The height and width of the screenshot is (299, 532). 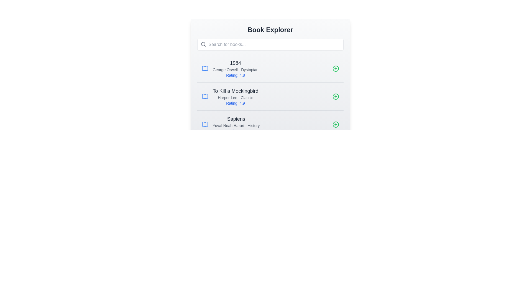 What do you see at coordinates (235, 91) in the screenshot?
I see `text label displaying 'To Kill a Mockingbird' which is styled in a larger font size and bold weight, located in the middle of a book explorer UI's vertical list of book entries` at bounding box center [235, 91].